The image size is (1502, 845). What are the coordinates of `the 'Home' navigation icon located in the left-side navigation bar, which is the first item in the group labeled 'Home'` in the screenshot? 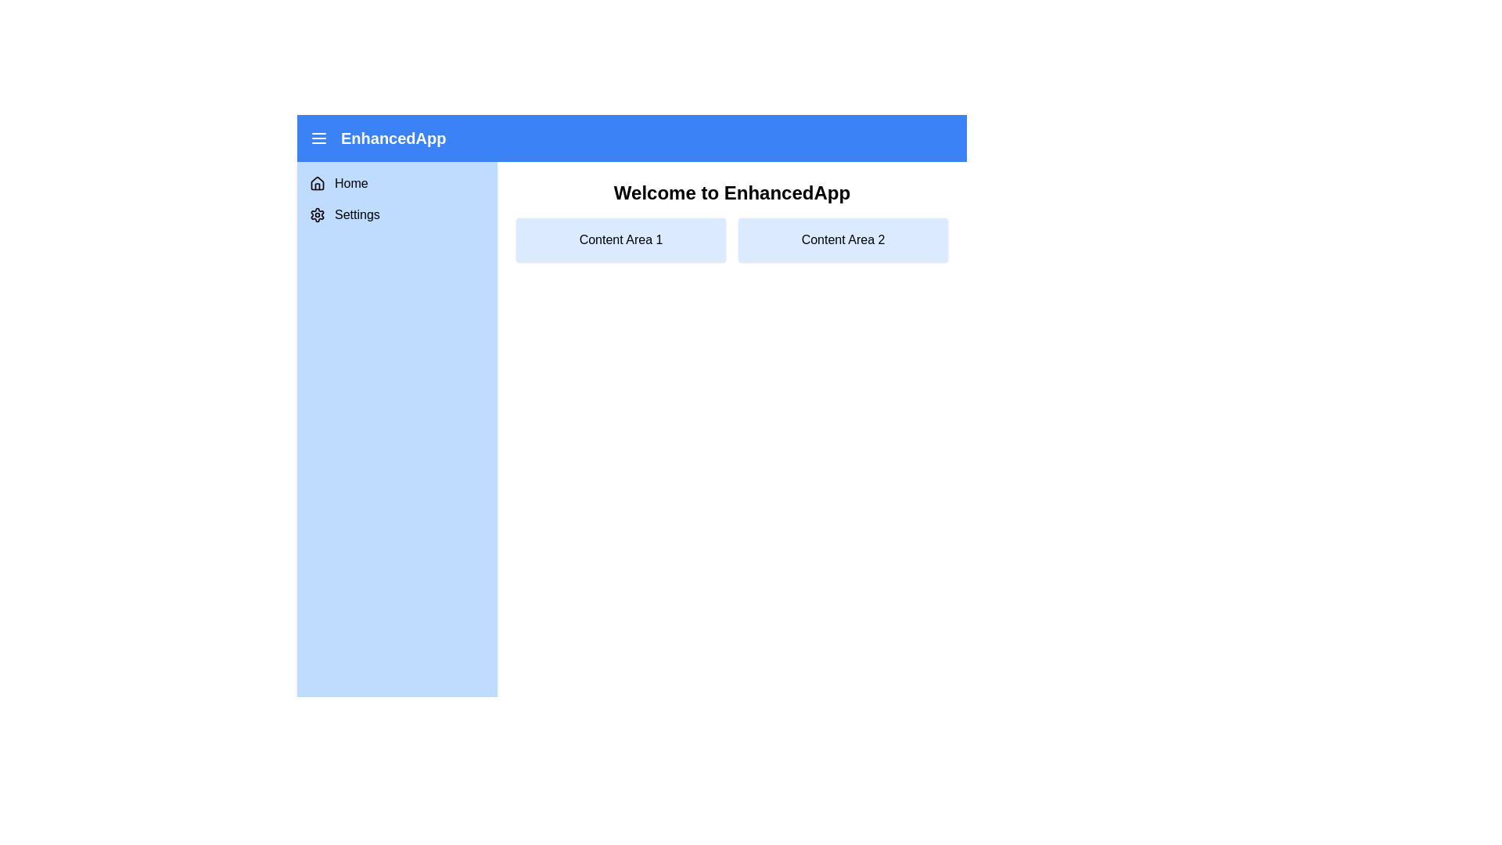 It's located at (317, 183).